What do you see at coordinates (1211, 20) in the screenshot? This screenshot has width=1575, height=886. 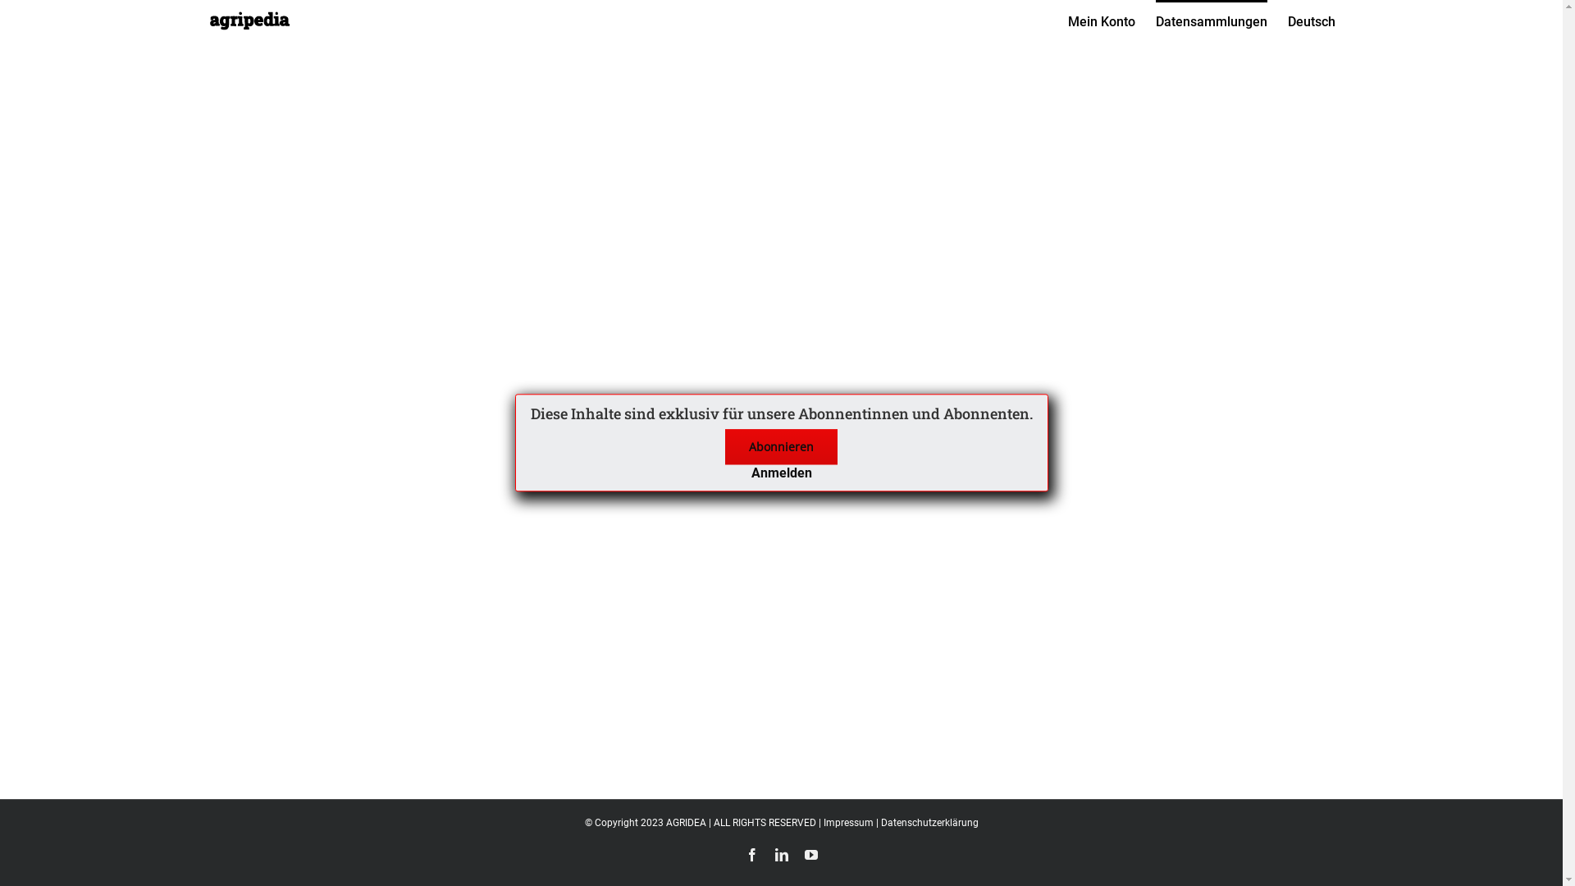 I see `'Datensammlungen'` at bounding box center [1211, 20].